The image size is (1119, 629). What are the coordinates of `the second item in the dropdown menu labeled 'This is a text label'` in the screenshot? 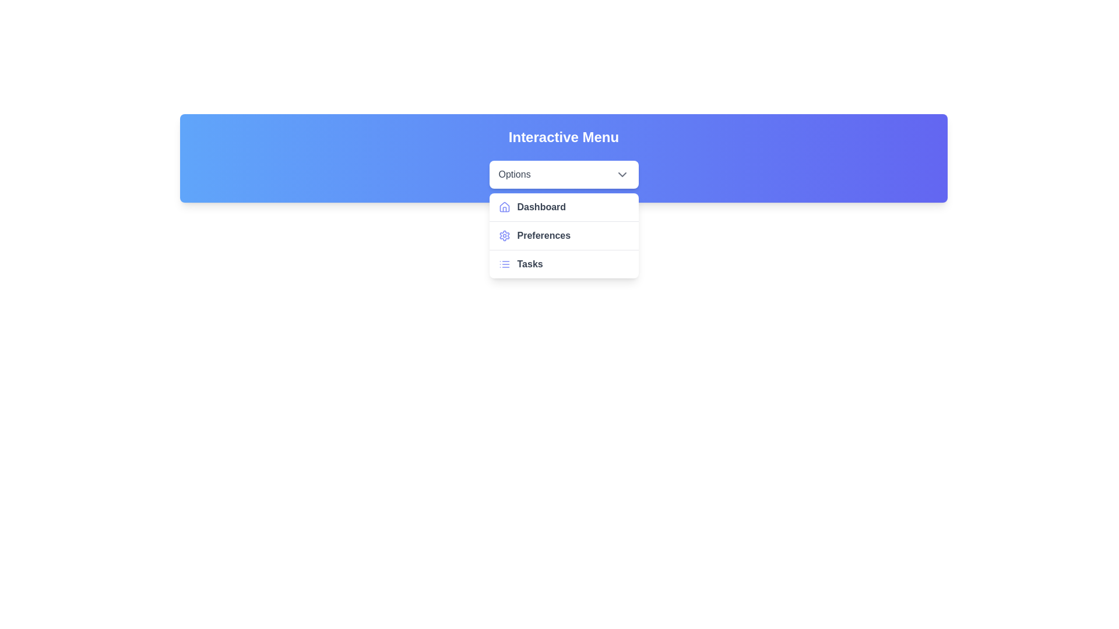 It's located at (543, 236).